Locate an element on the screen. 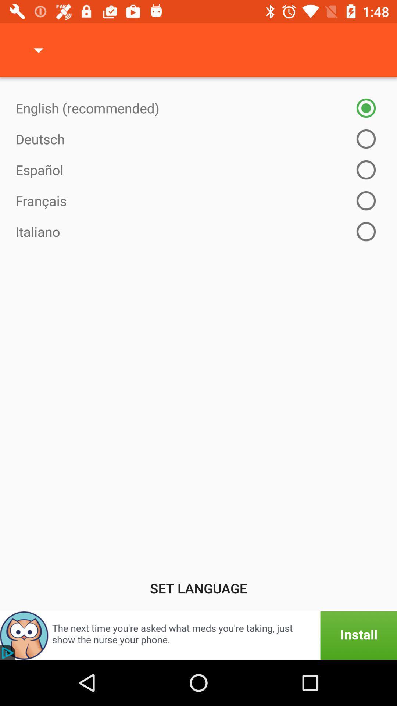  install the app is located at coordinates (198, 635).